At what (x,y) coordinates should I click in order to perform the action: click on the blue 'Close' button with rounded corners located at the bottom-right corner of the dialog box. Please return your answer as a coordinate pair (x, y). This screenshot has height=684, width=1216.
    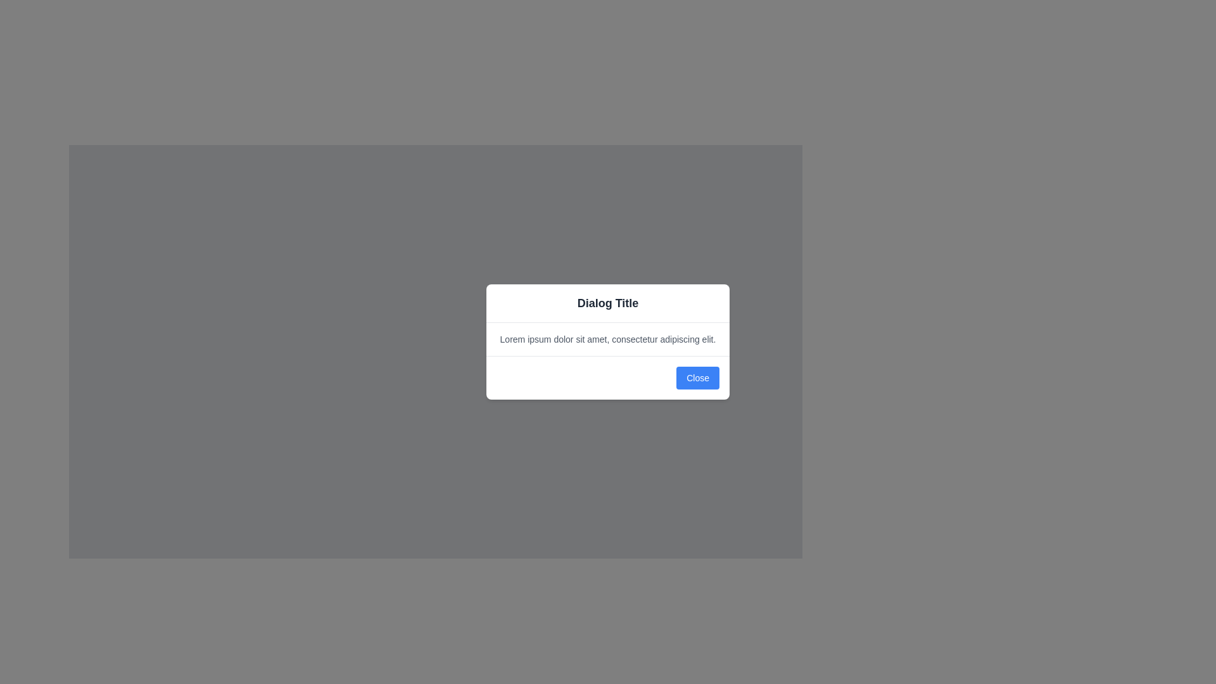
    Looking at the image, I should click on (697, 377).